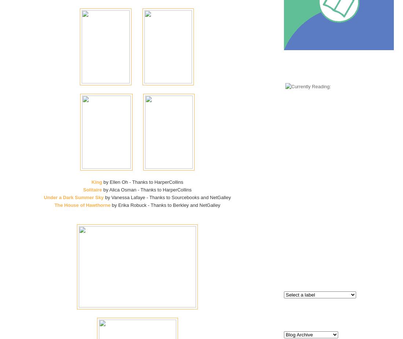  Describe the element at coordinates (142, 182) in the screenshot. I see `'by Ellen Oh - Thanks to HarperCollins'` at that location.